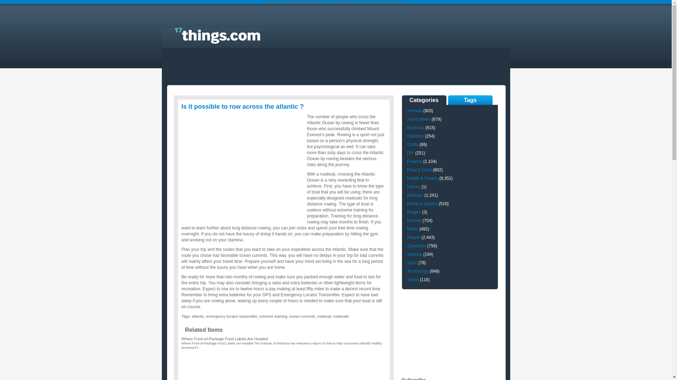  I want to click on 'Tags', so click(470, 100).